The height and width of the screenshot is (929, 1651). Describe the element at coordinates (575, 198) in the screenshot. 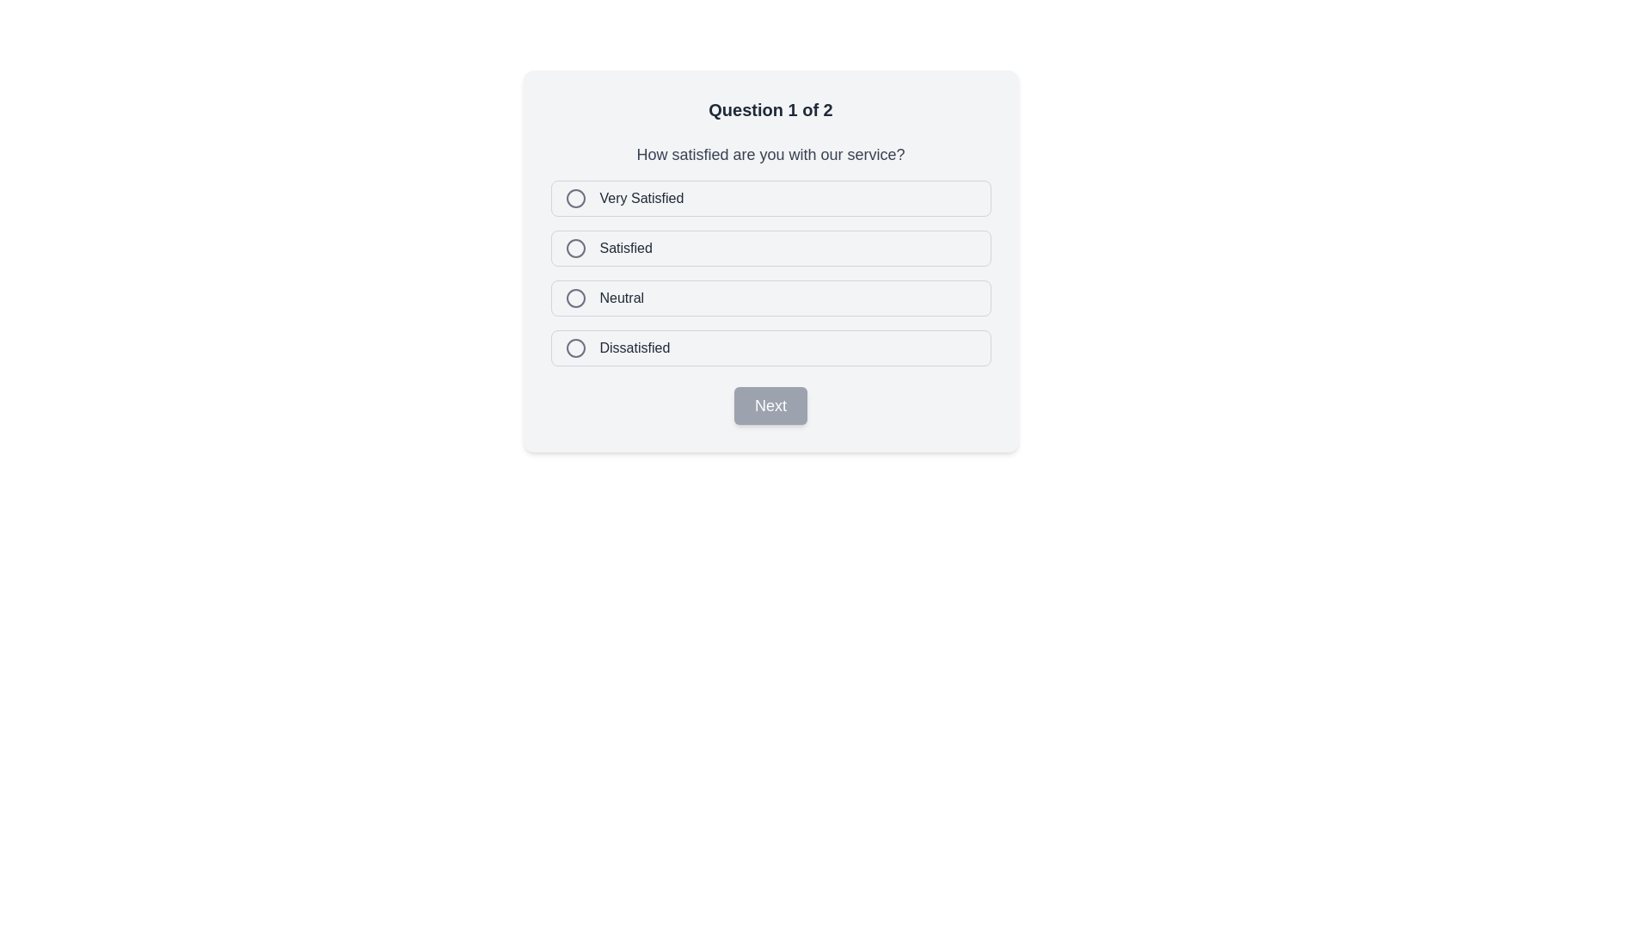

I see `the circular gray icon with a thin border located to the left of the 'Very Satisfied' option` at that location.